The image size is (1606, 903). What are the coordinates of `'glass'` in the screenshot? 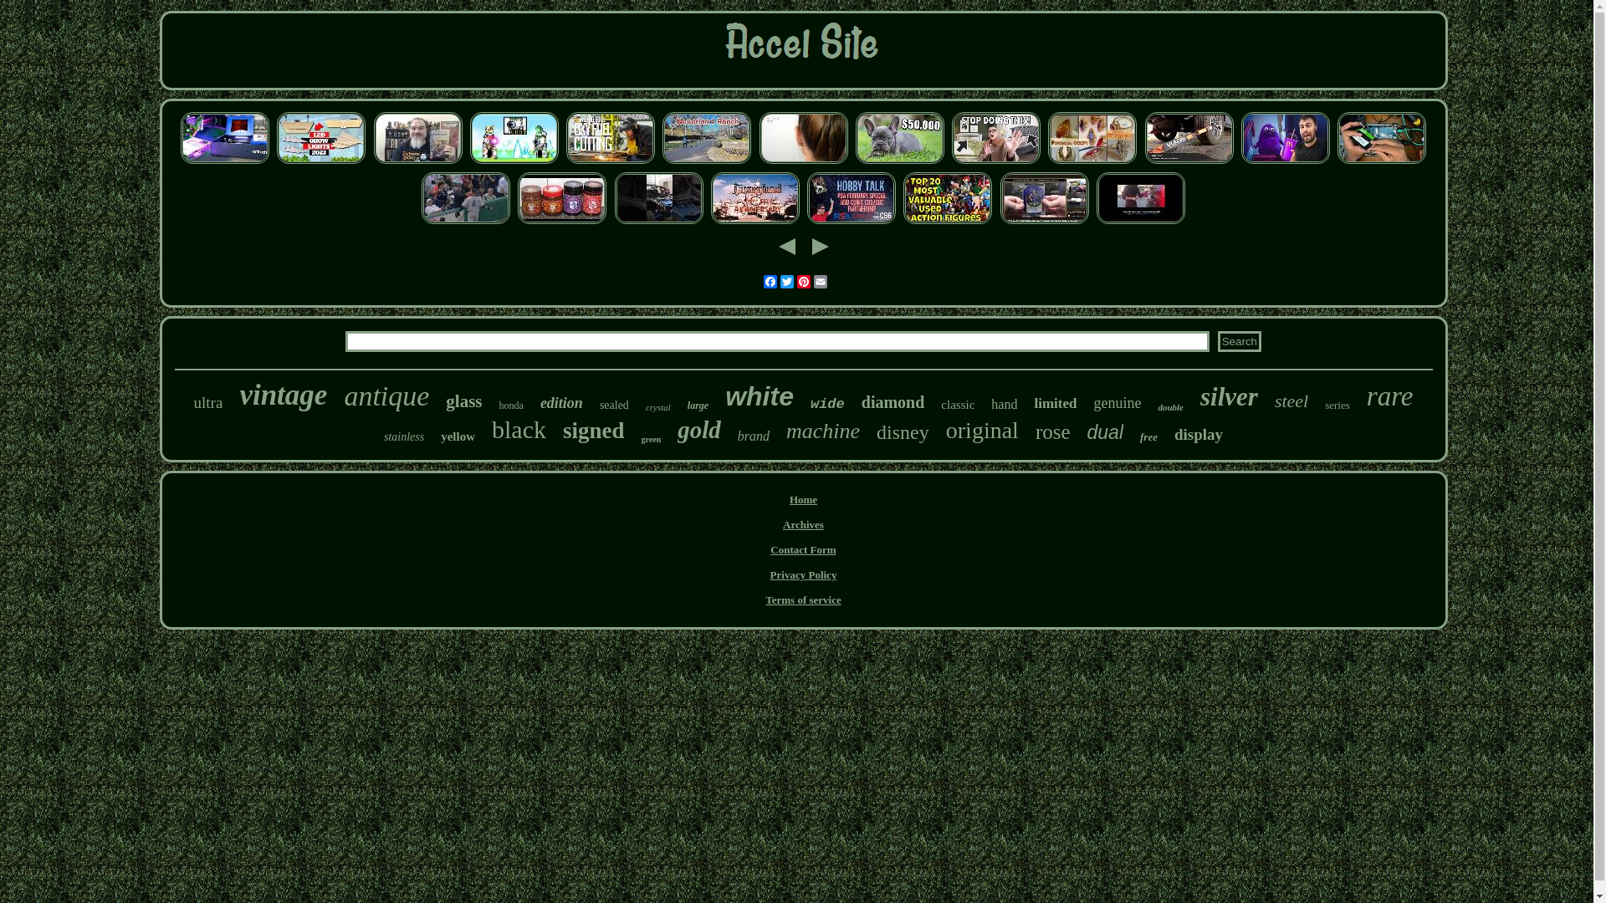 It's located at (463, 401).